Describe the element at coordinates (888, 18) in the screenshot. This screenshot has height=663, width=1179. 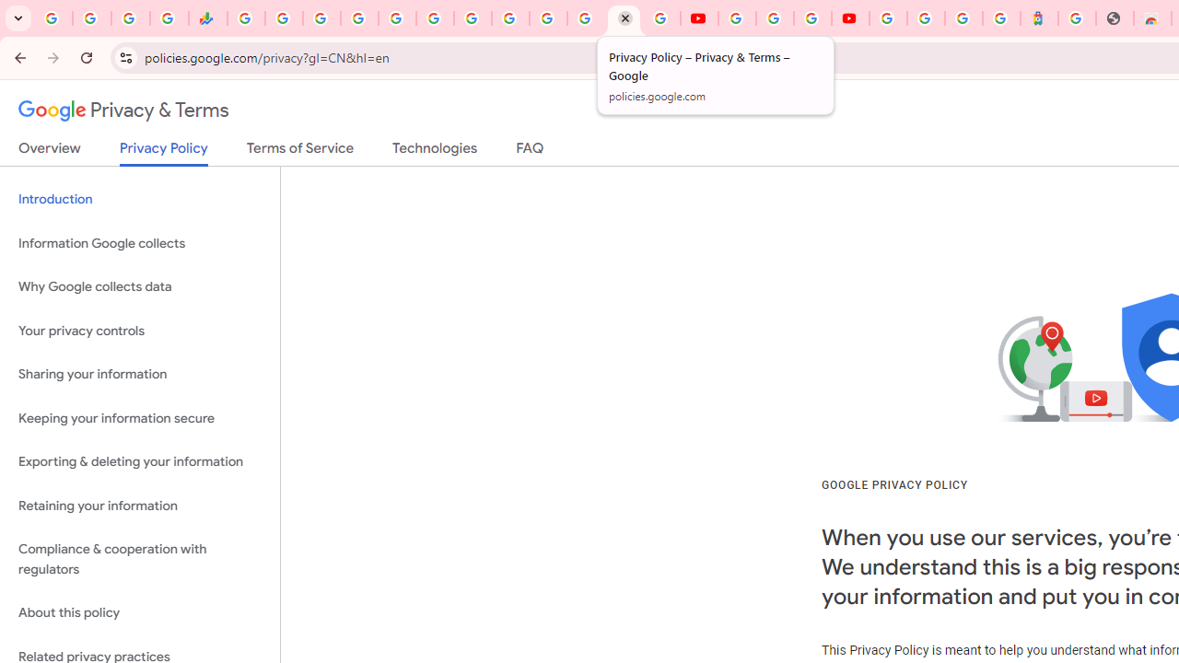
I see `'Sign in - Google Accounts'` at that location.